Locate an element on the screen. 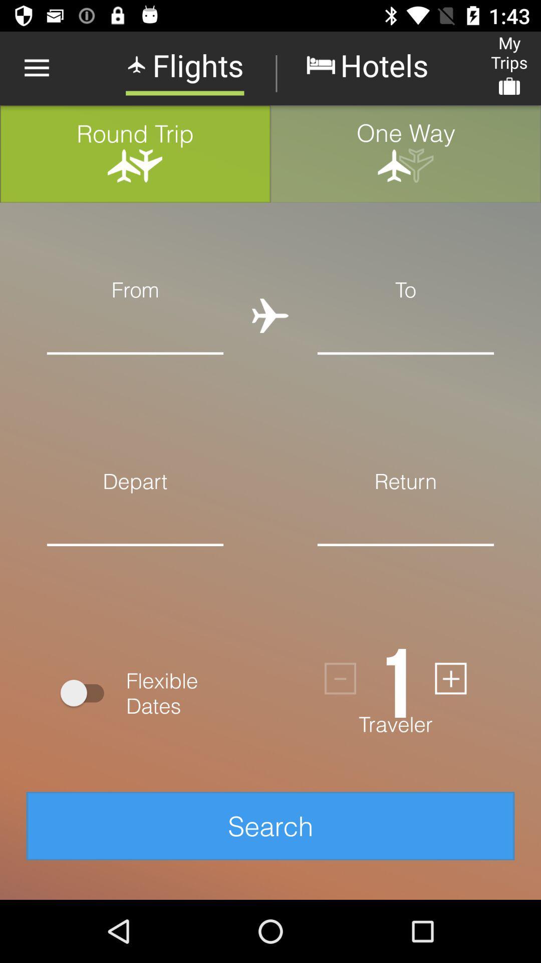 The height and width of the screenshot is (963, 541). the item to the left of the flexible is located at coordinates (86, 692).